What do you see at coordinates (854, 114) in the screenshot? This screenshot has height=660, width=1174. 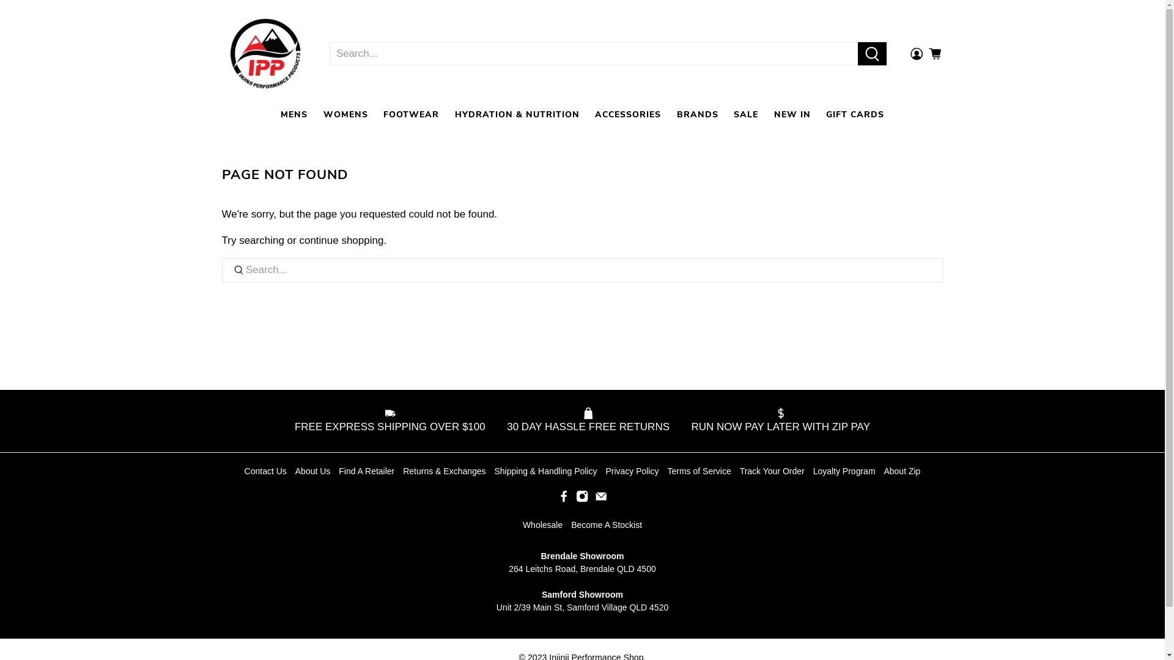 I see `'GIFT CARDS'` at bounding box center [854, 114].